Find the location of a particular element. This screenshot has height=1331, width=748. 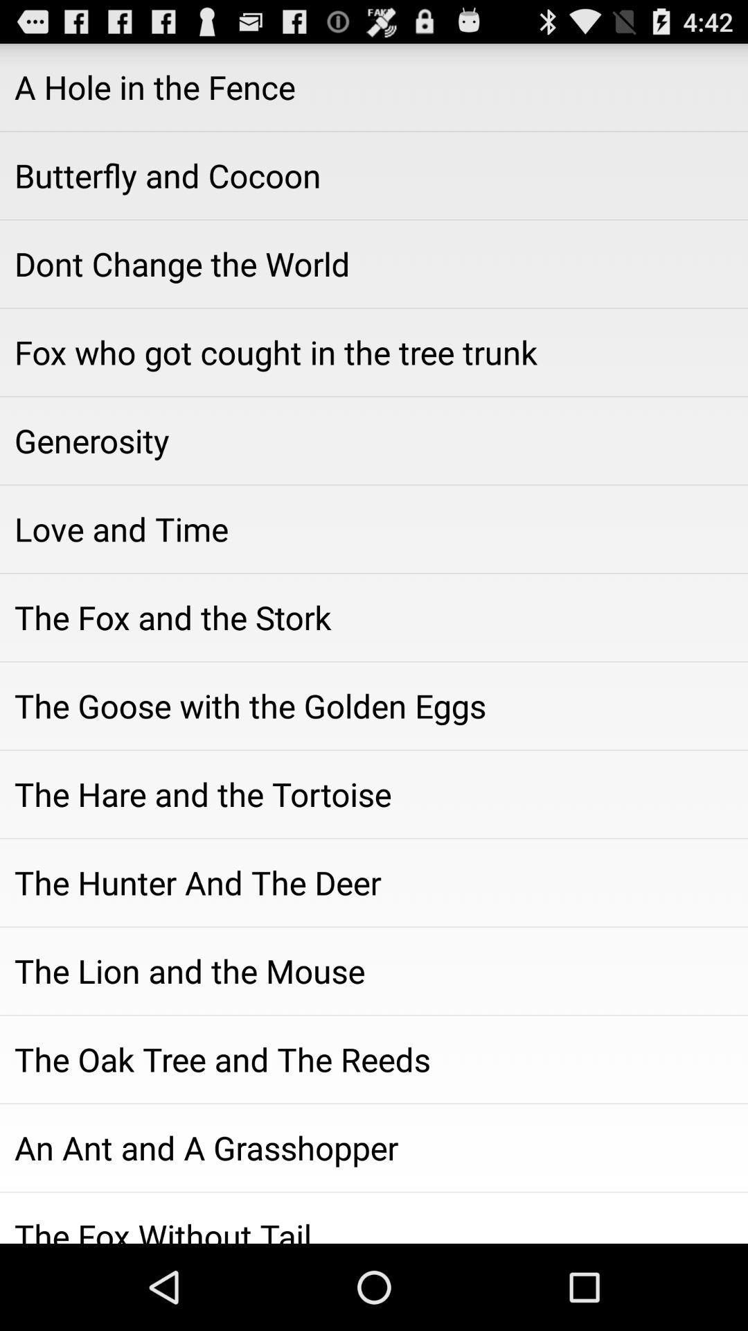

an ant and icon is located at coordinates (374, 1148).